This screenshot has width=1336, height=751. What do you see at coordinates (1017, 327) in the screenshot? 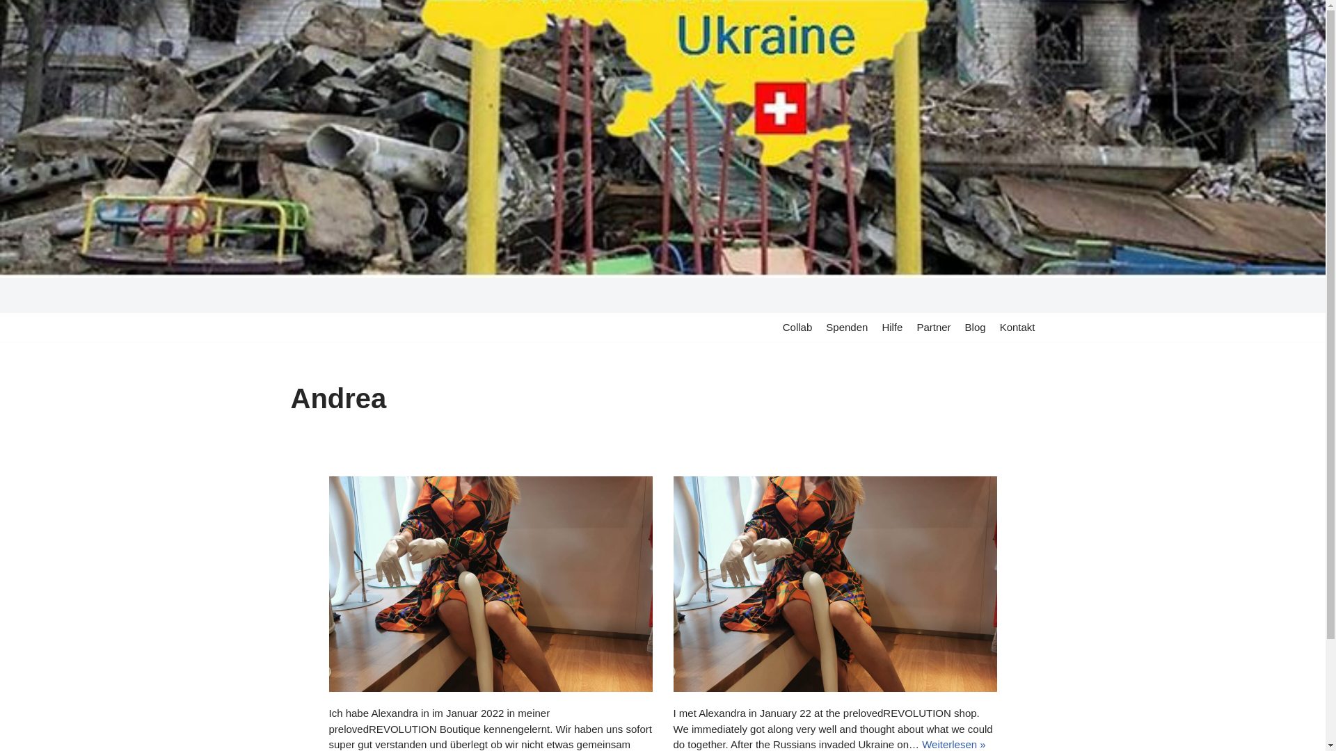
I see `'Kontakt'` at bounding box center [1017, 327].